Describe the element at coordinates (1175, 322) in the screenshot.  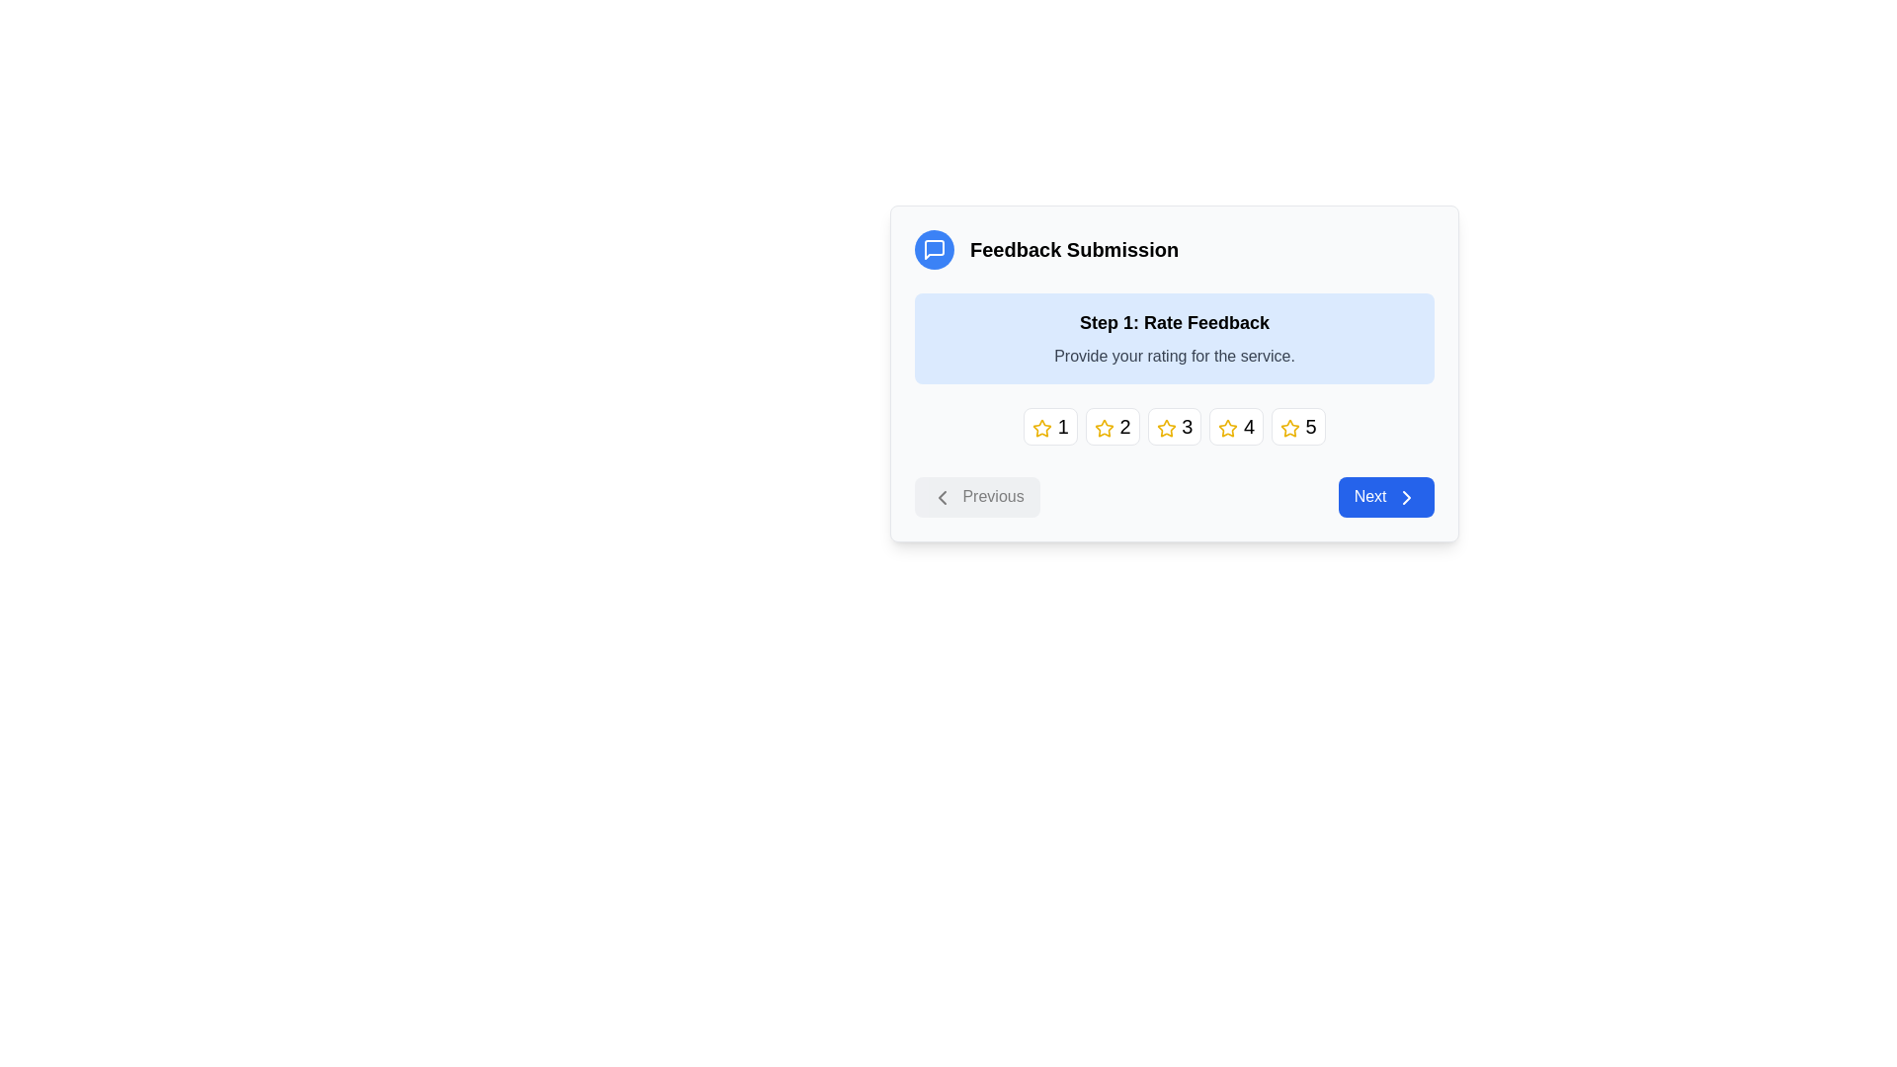
I see `text header 'Step 1: Rate Feedback', which is a bold, large-sized title located near the top of a blue background section in the feedback form layout` at that location.